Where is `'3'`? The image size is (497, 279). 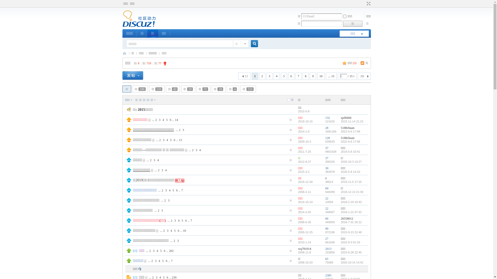 '3' is located at coordinates (175, 220).